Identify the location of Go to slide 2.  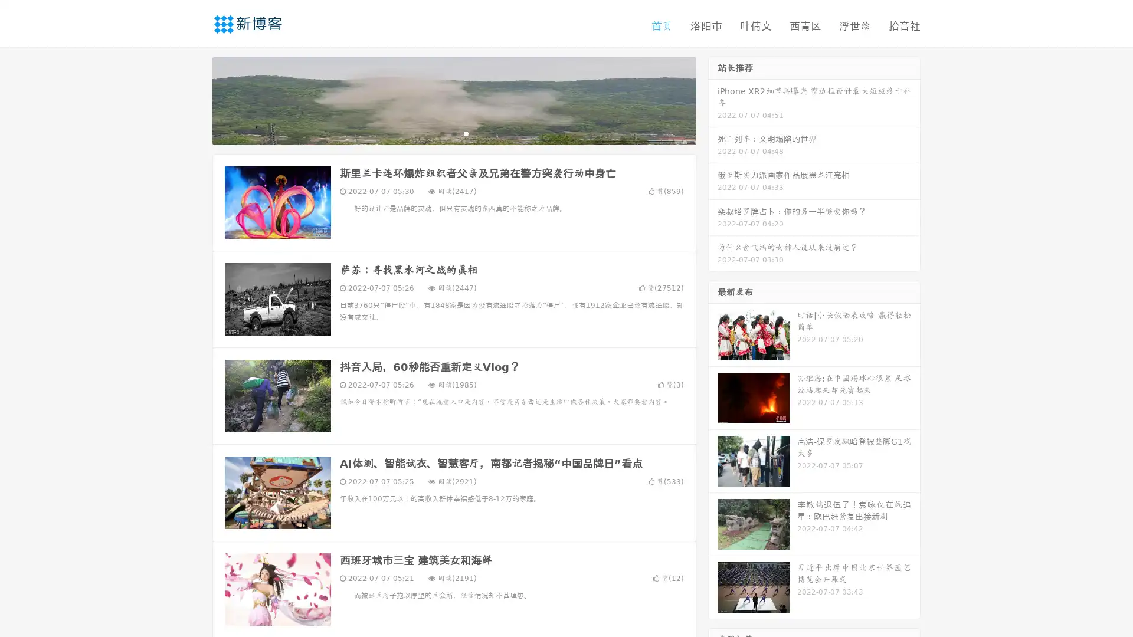
(453, 133).